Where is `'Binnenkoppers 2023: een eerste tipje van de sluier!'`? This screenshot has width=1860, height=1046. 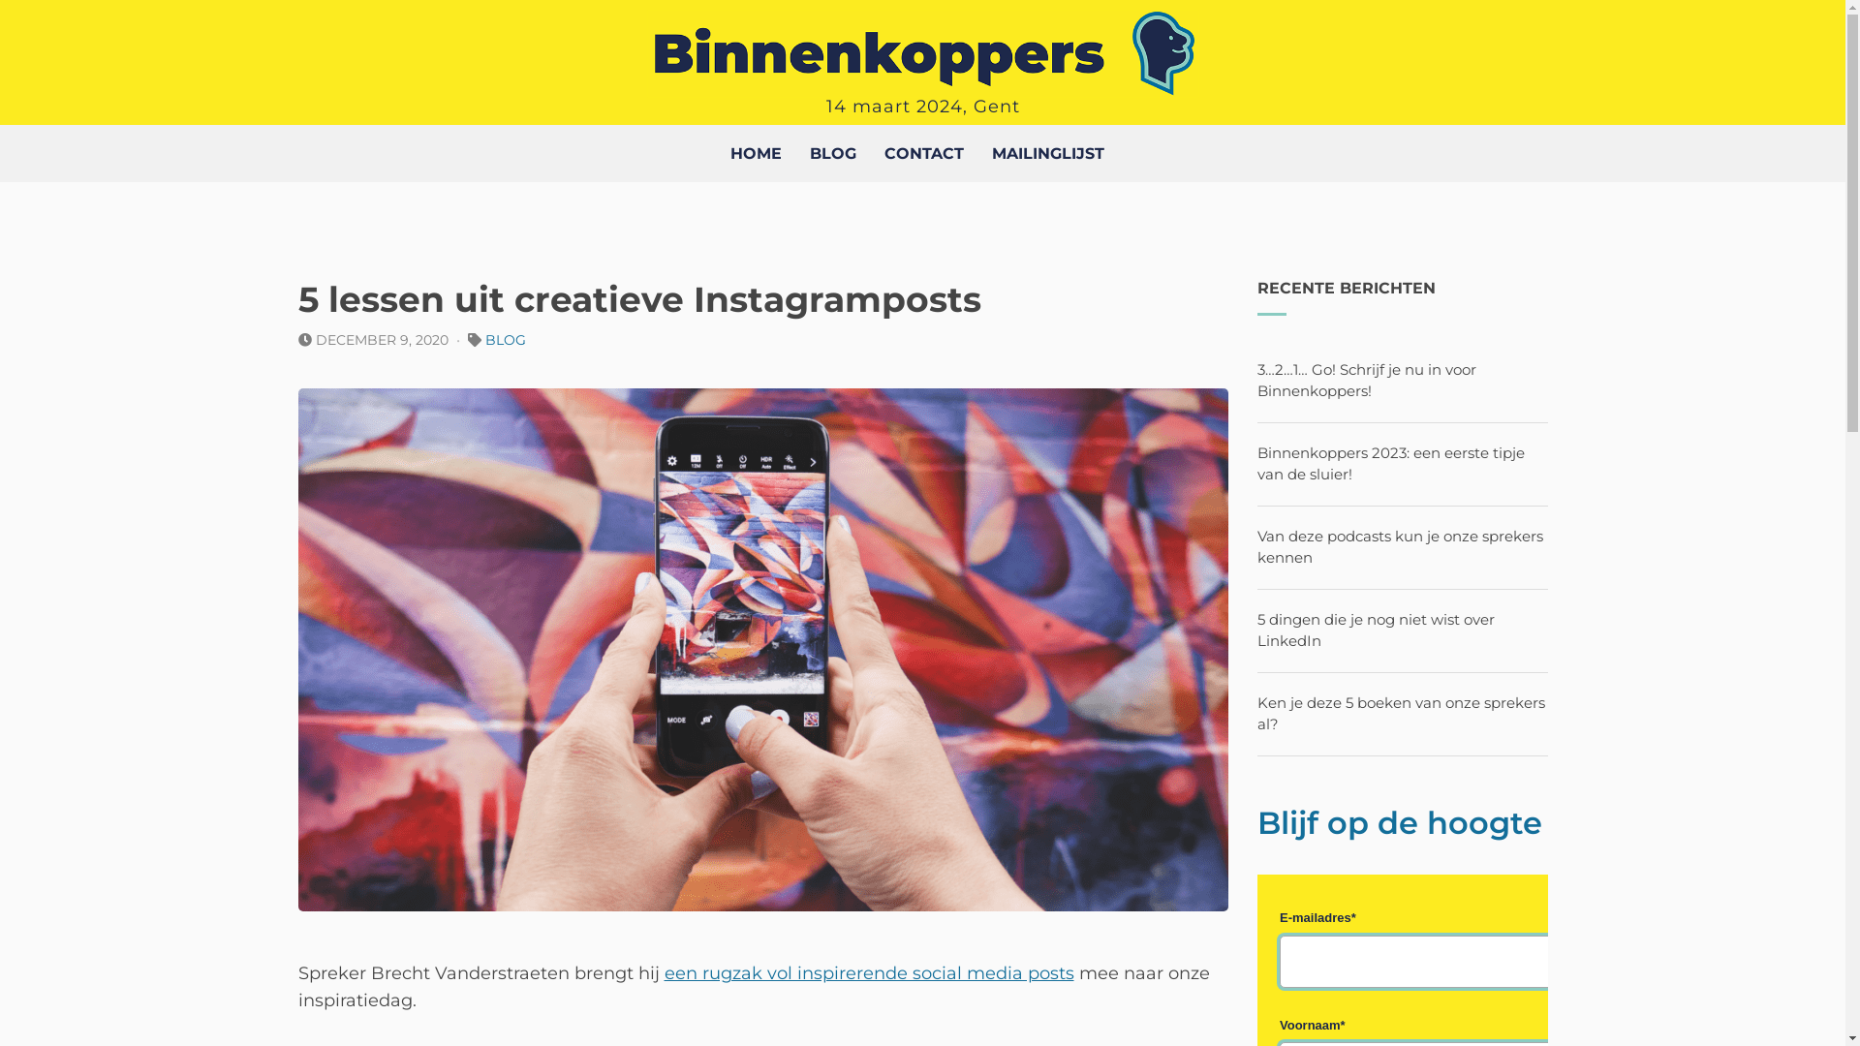
'Binnenkoppers 2023: een eerste tipje van de sluier!' is located at coordinates (1256, 463).